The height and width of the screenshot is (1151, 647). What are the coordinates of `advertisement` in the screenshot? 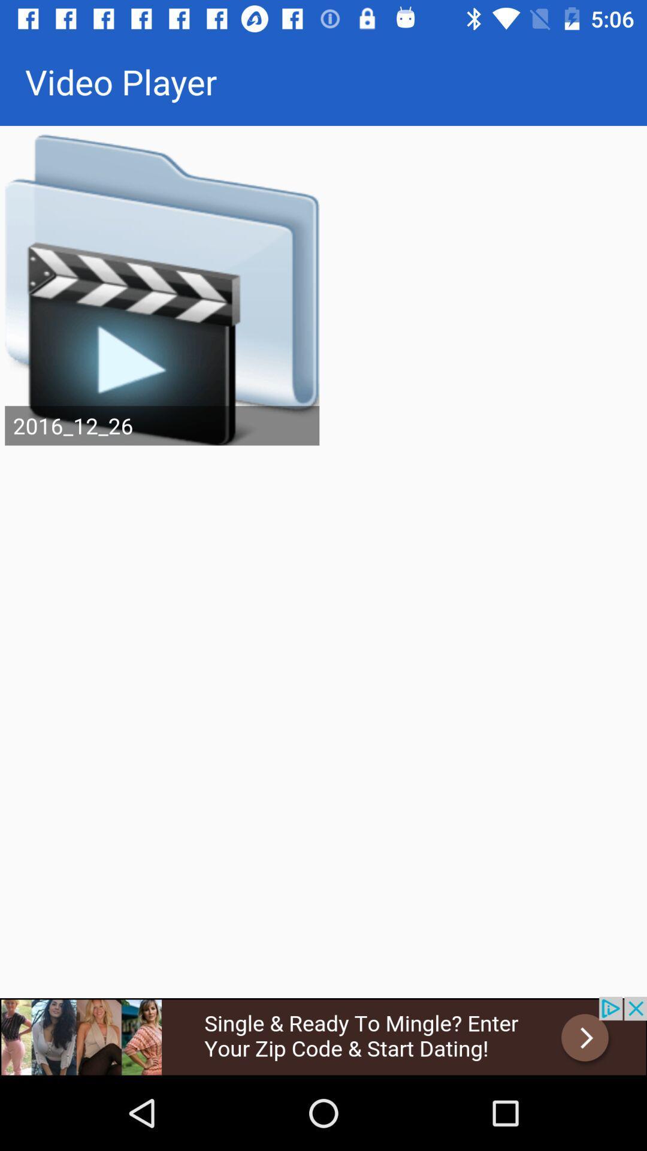 It's located at (323, 1035).